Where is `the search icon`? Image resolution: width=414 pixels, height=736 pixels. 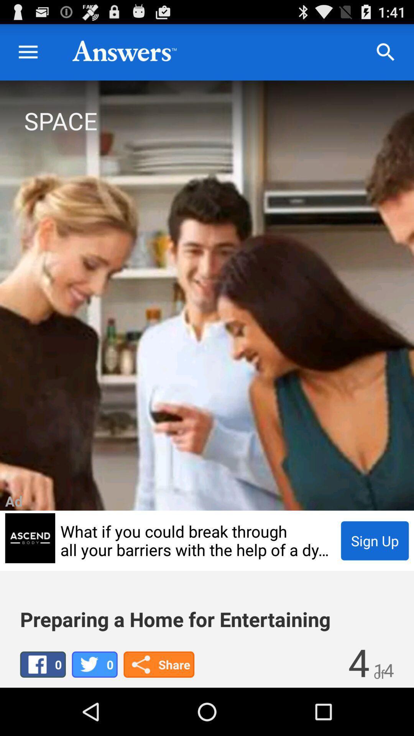
the search icon is located at coordinates (386, 56).